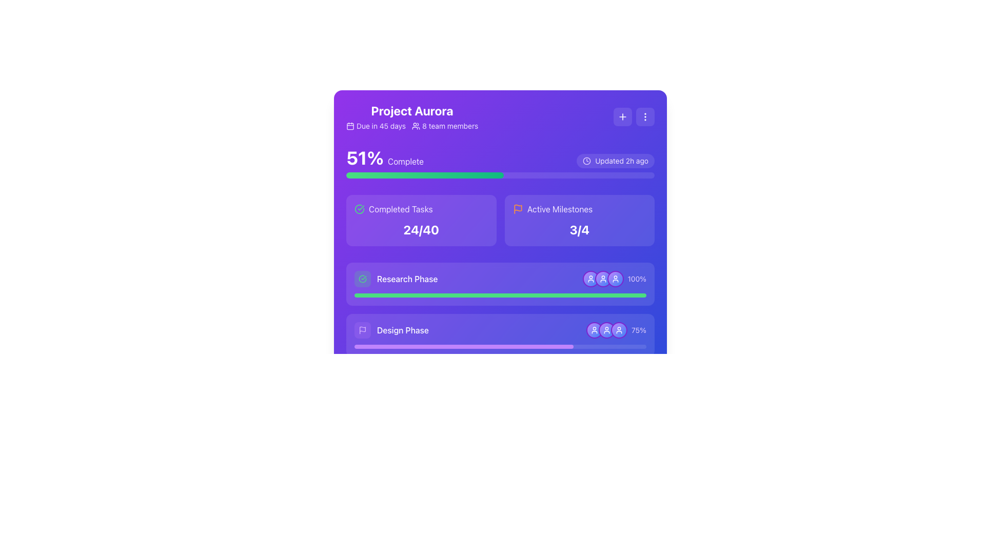 This screenshot has width=985, height=554. What do you see at coordinates (621, 161) in the screenshot?
I see `the displayed update time on the text label located at the top-right corner of the interface, which provides the last update timestamp for the associated project or data set` at bounding box center [621, 161].